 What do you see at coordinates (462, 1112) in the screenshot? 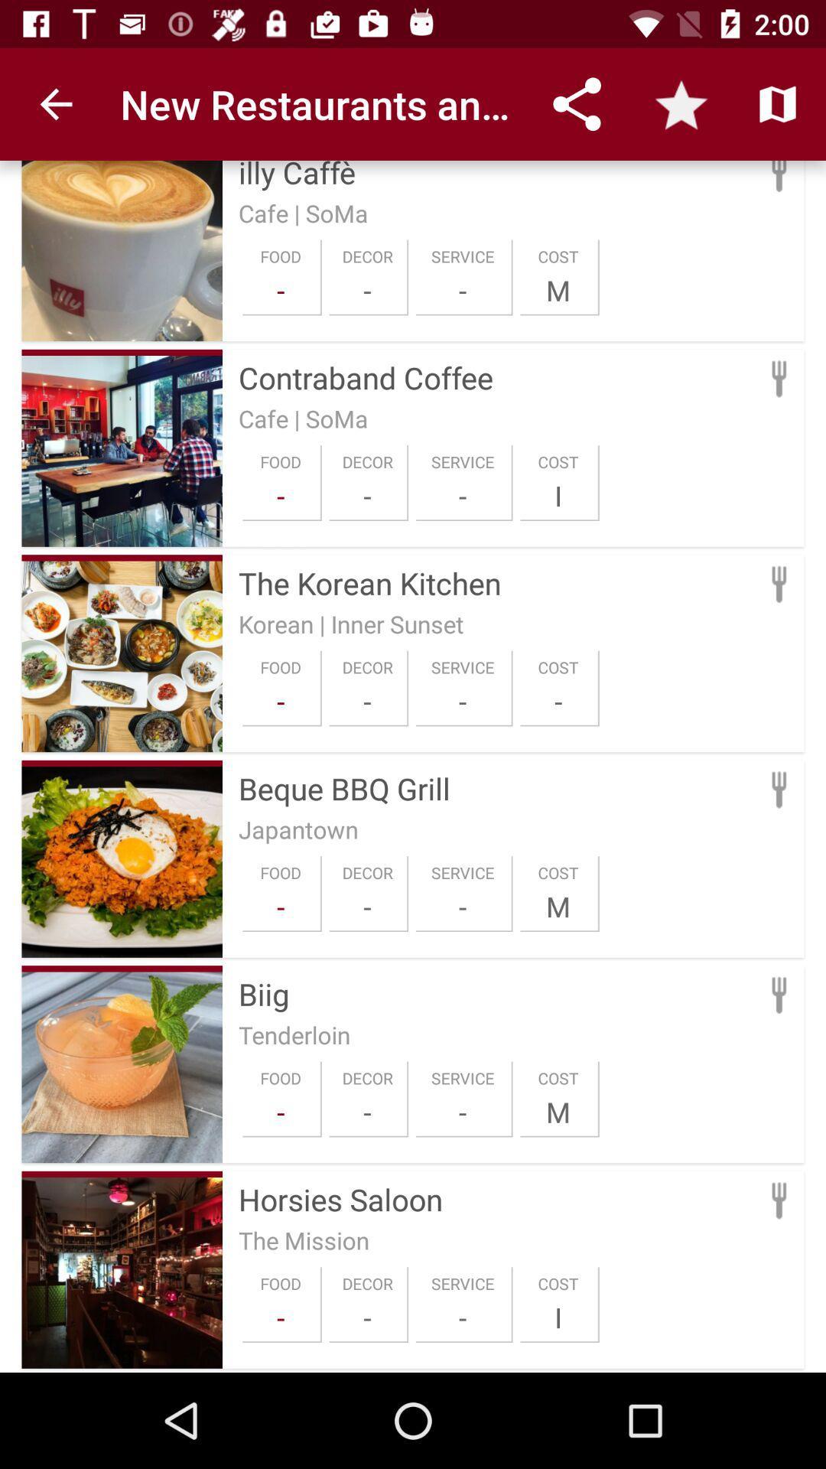
I see `item below the service item` at bounding box center [462, 1112].